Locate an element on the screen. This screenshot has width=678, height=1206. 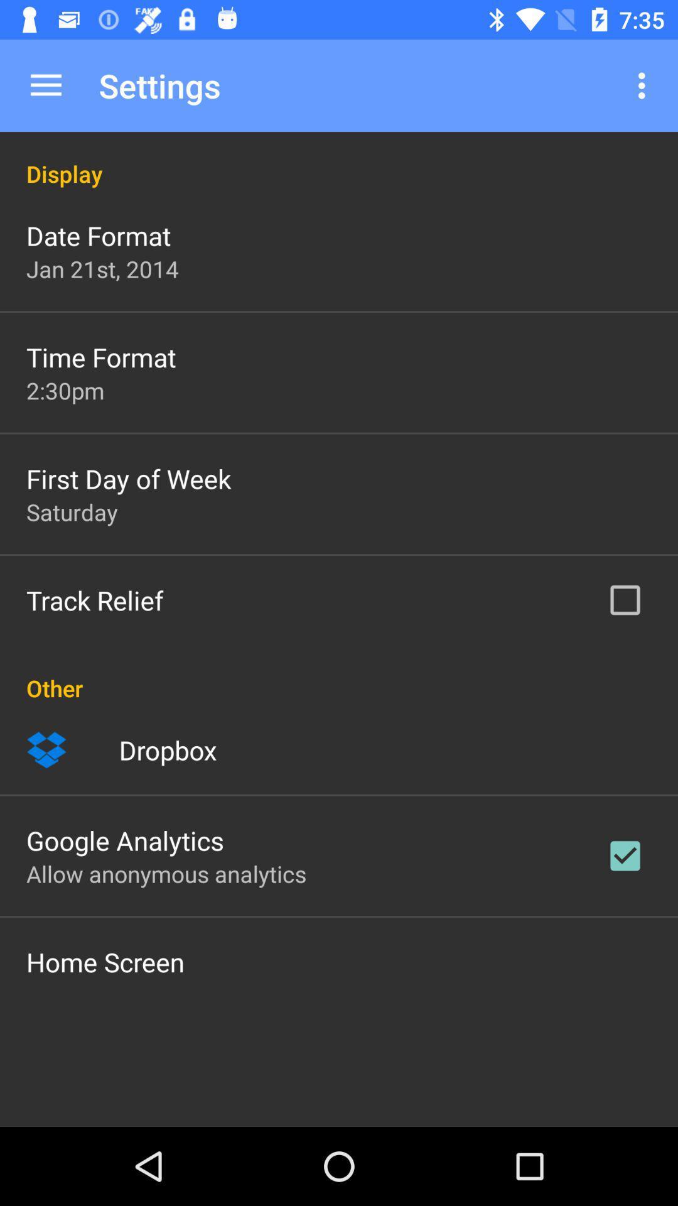
home screen item is located at coordinates (105, 961).